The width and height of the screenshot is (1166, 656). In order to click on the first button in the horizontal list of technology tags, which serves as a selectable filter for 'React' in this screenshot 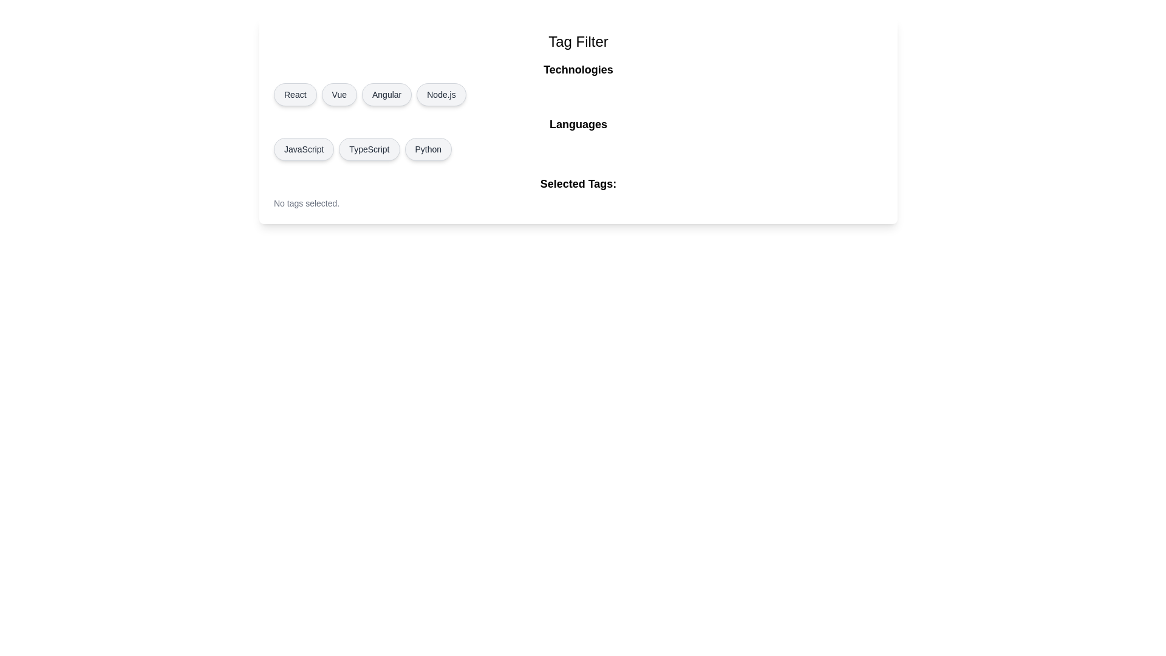, I will do `click(295, 94)`.